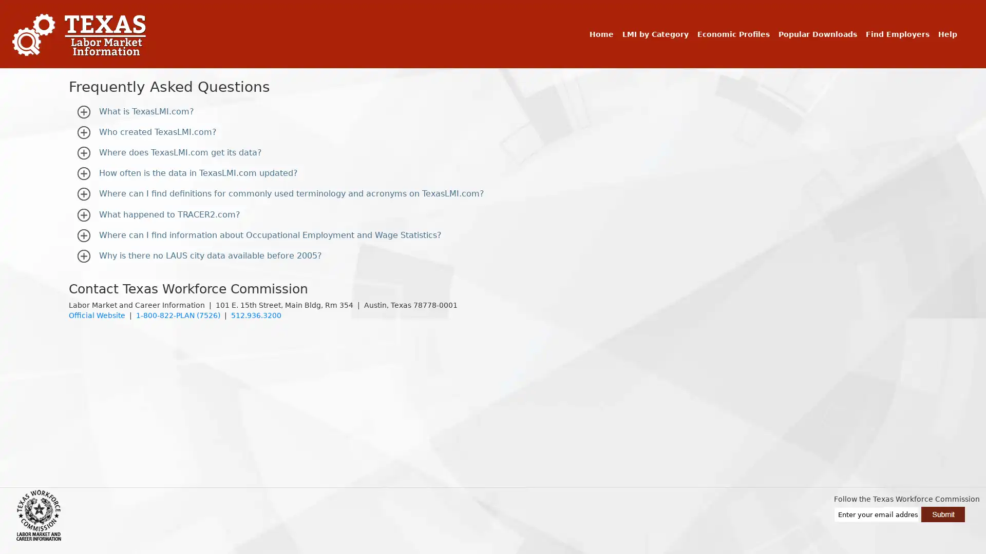 The image size is (986, 554). I want to click on What happened to TRACER2.com?, so click(492, 213).